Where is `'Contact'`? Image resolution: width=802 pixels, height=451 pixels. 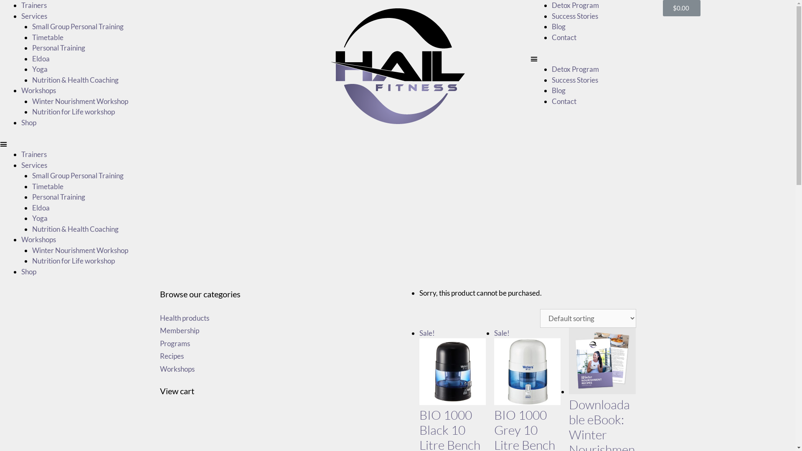
'Contact' is located at coordinates (564, 101).